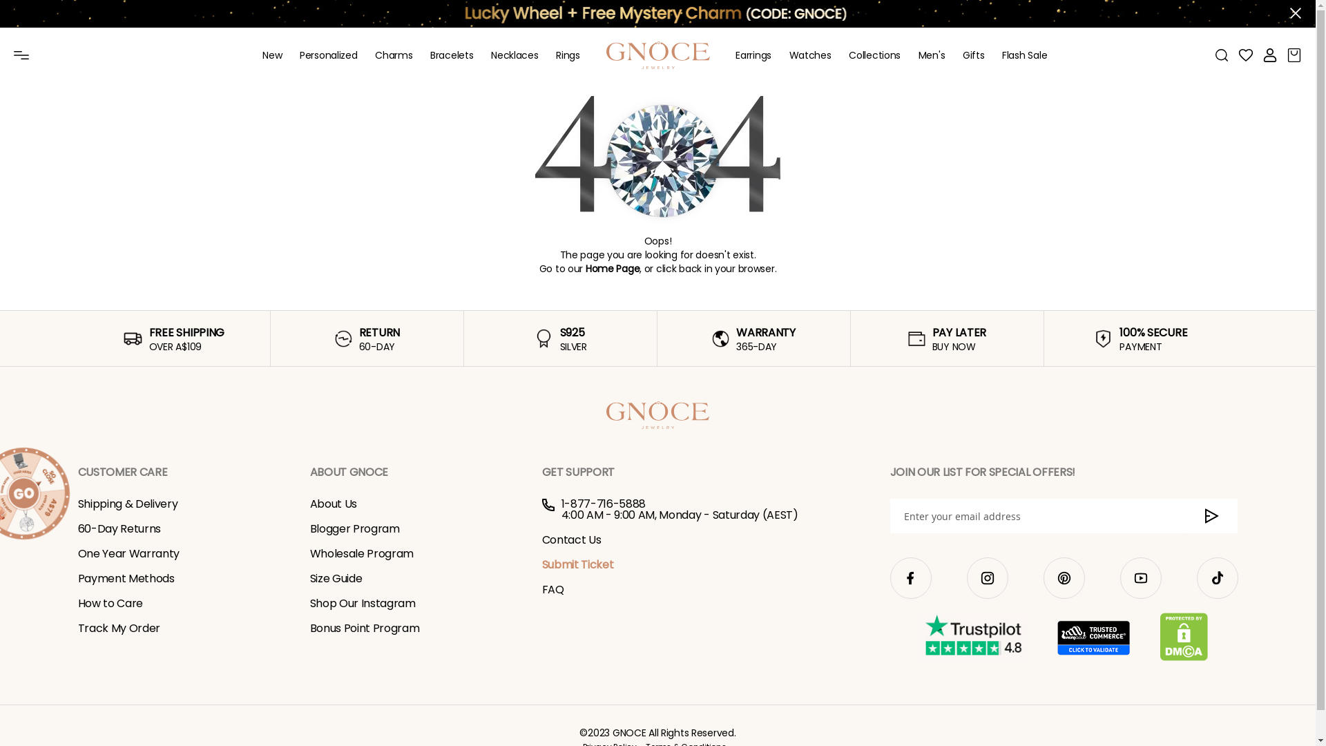 The height and width of the screenshot is (746, 1326). What do you see at coordinates (128, 553) in the screenshot?
I see `'One Year Warranty'` at bounding box center [128, 553].